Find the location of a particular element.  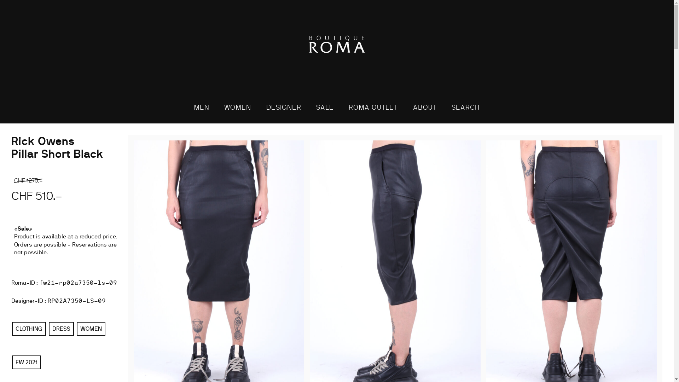

'CLOTHING' is located at coordinates (28, 329).